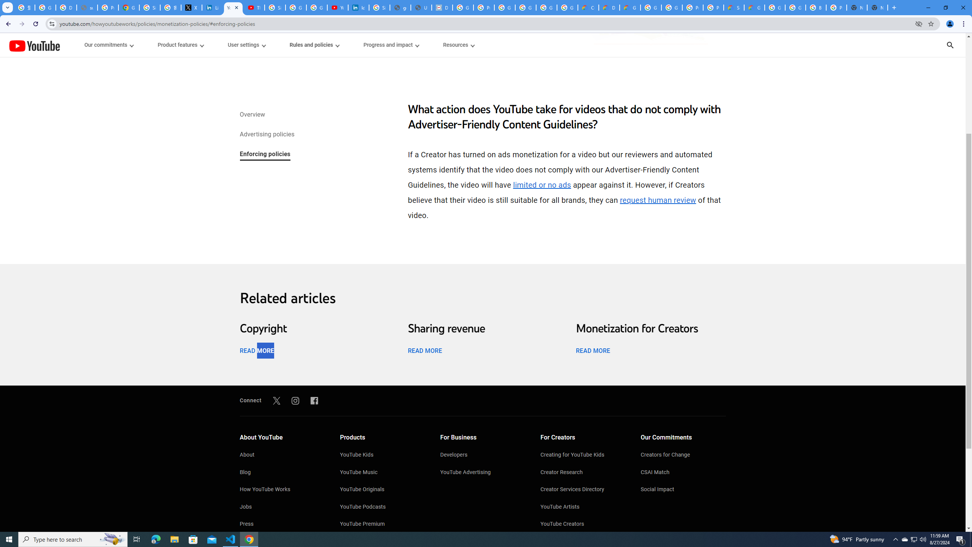 The height and width of the screenshot is (547, 972). I want to click on 'YouTube Kids', so click(382, 455).